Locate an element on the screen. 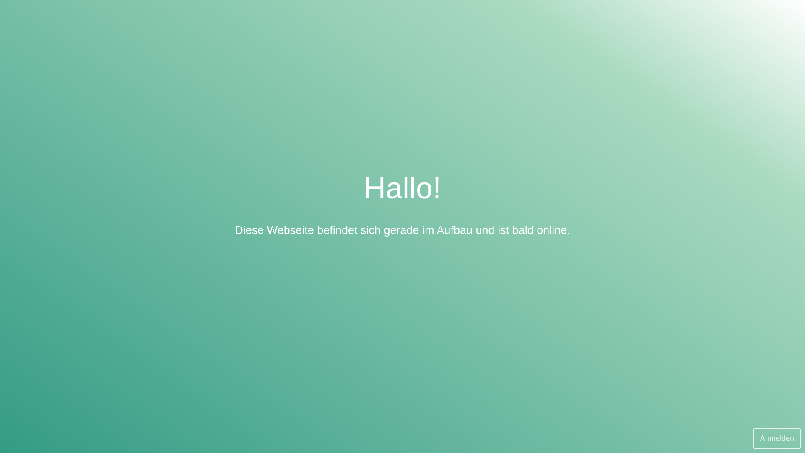 The image size is (805, 453). 'Anmelden' is located at coordinates (776, 438).